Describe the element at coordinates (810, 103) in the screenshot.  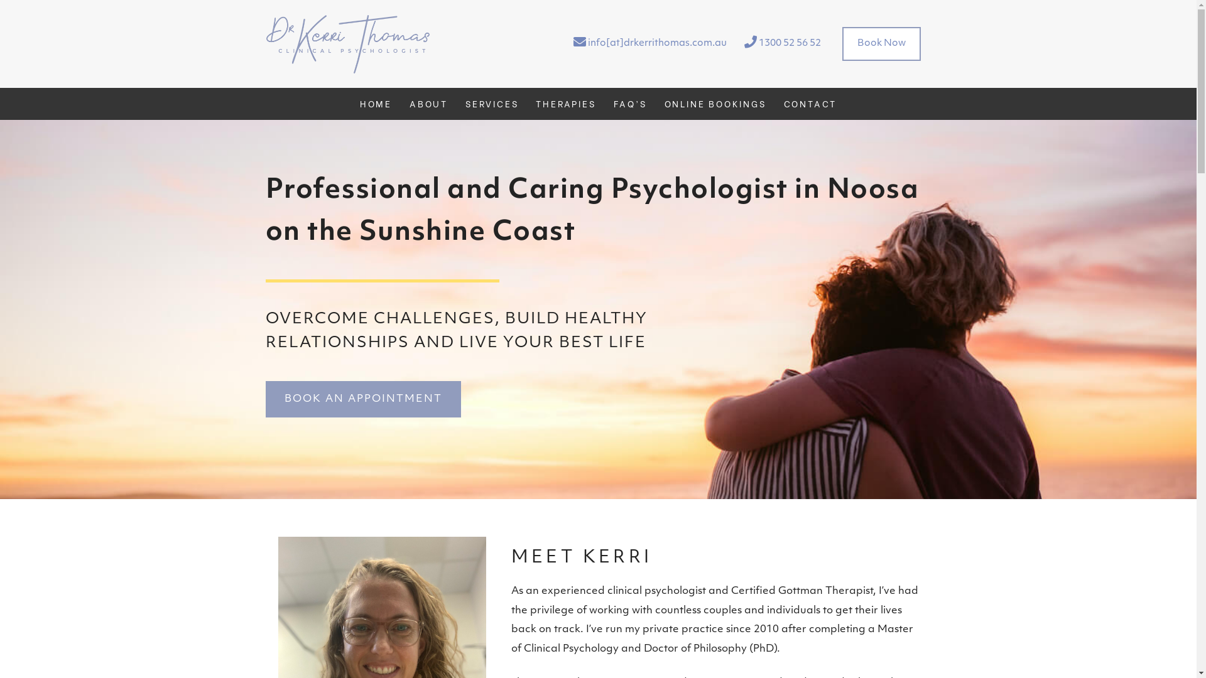
I see `'CONTACT'` at that location.